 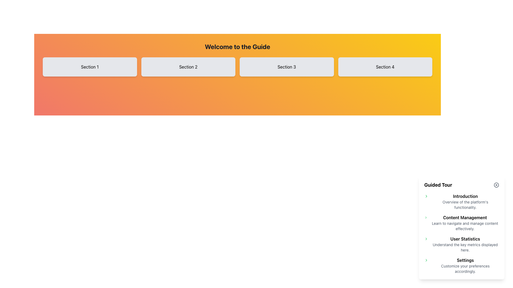 What do you see at coordinates (465, 247) in the screenshot?
I see `the informational Text Label located directly below the 'User Statistics' heading in the Guided Tour panel on the right-hand side of the page` at bounding box center [465, 247].